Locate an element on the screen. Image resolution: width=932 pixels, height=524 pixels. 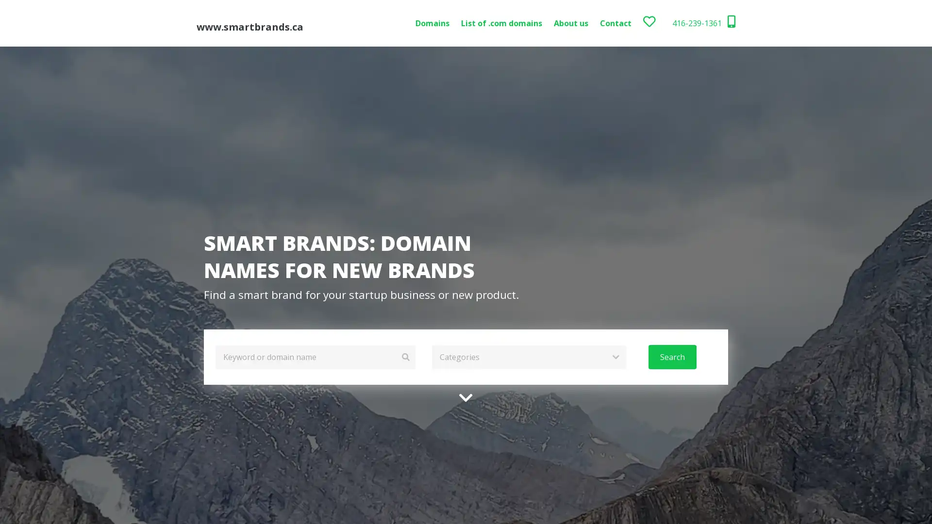
Categories is located at coordinates (528, 357).